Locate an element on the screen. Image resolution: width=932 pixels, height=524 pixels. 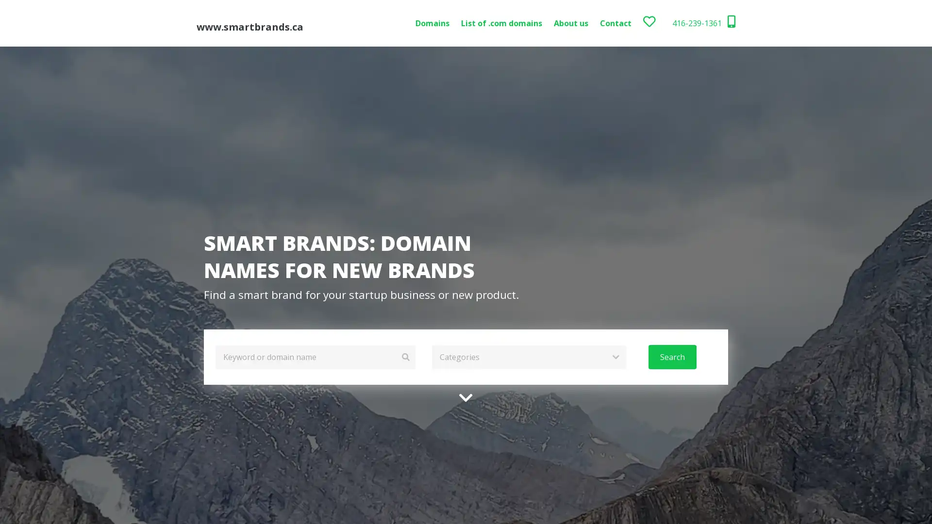
Categories is located at coordinates (528, 357).